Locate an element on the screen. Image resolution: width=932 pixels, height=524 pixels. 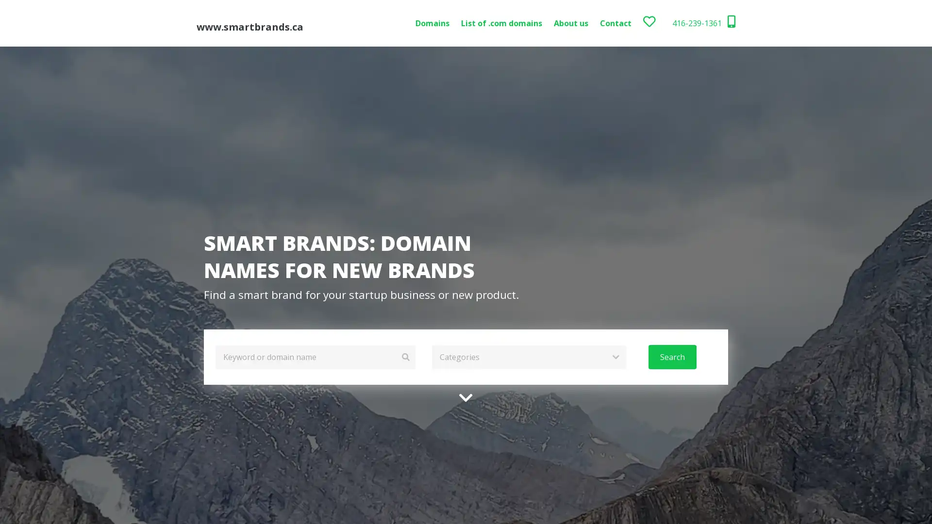
Categories is located at coordinates (528, 357).